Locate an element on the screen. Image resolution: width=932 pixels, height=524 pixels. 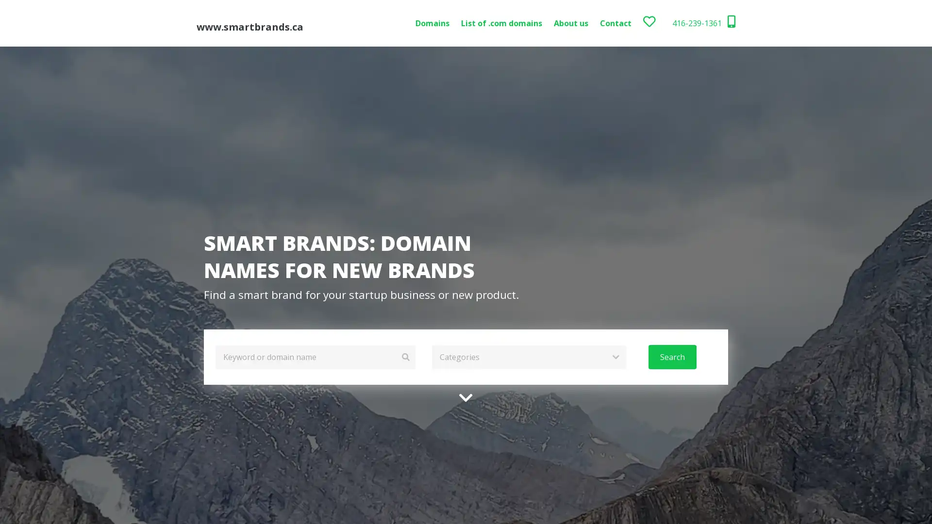
Categories is located at coordinates (528, 357).